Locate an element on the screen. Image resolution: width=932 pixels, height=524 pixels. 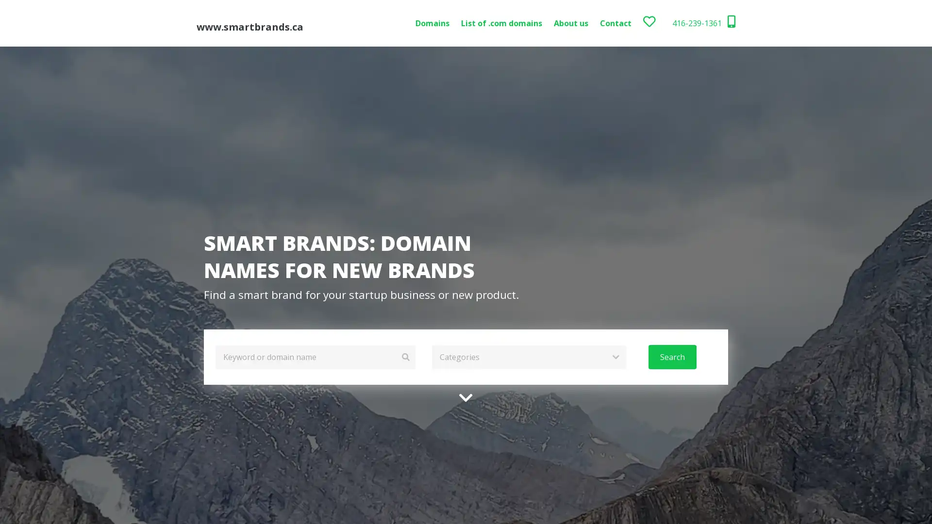
Categories is located at coordinates (528, 357).